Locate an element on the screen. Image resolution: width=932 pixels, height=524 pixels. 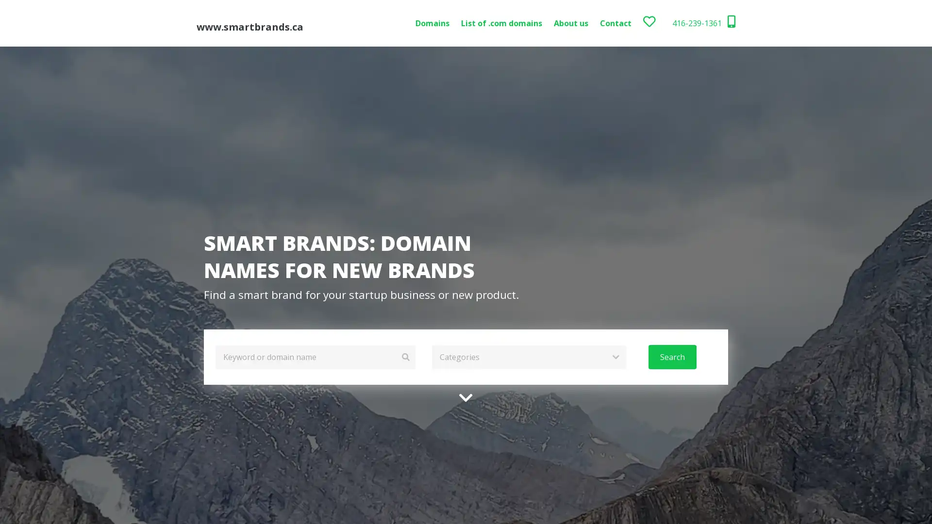
Categories is located at coordinates (528, 357).